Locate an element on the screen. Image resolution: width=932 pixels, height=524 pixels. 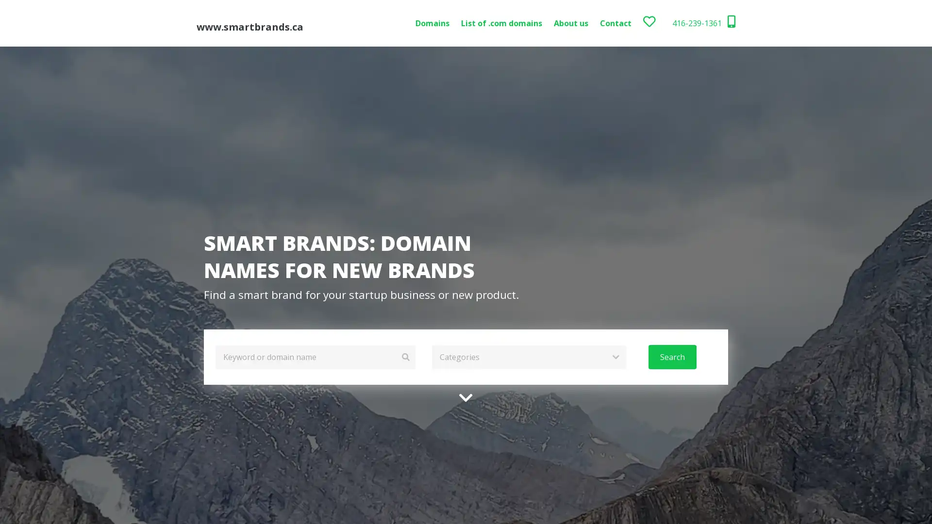
Categories is located at coordinates (528, 357).